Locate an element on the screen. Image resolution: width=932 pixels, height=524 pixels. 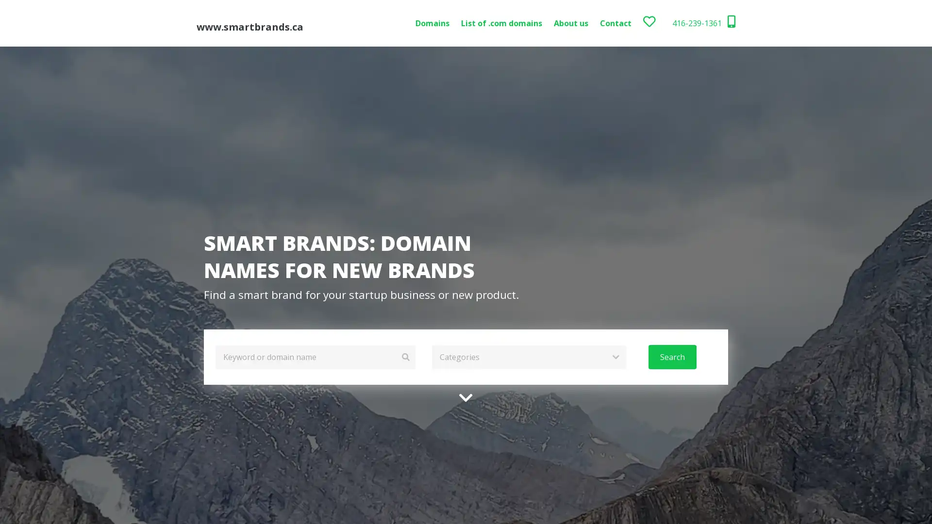
Categories is located at coordinates (528, 357).